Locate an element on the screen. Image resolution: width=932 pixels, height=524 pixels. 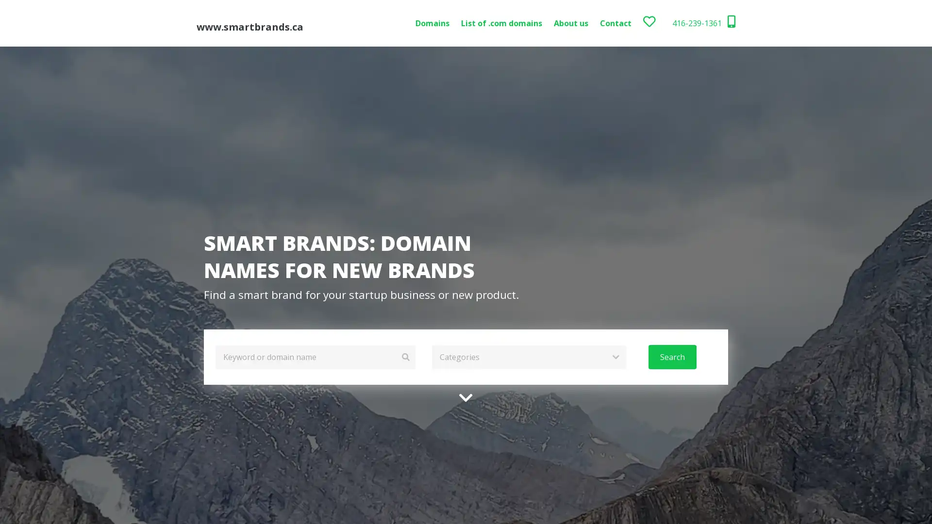
Categories is located at coordinates (528, 357).